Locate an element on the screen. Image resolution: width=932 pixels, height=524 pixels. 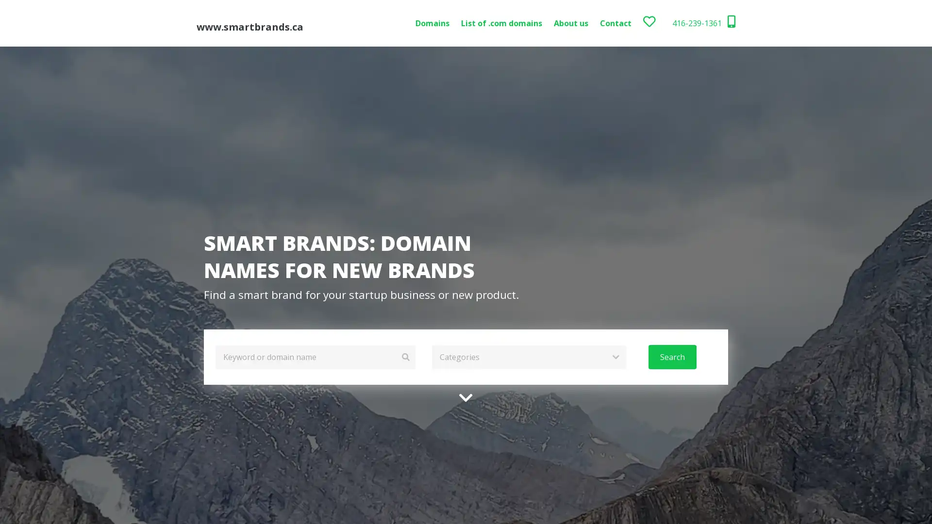
Categories is located at coordinates (528, 357).